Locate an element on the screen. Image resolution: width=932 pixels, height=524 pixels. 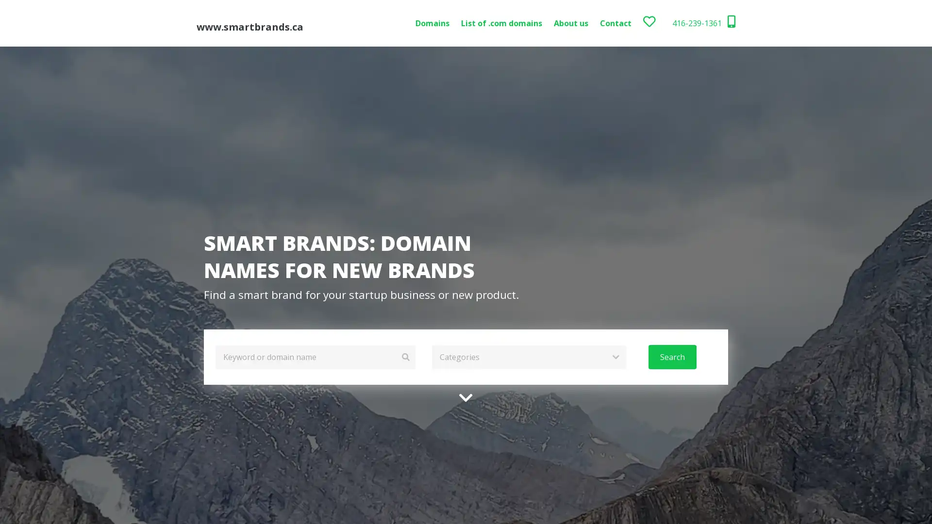
Categories is located at coordinates (528, 357).